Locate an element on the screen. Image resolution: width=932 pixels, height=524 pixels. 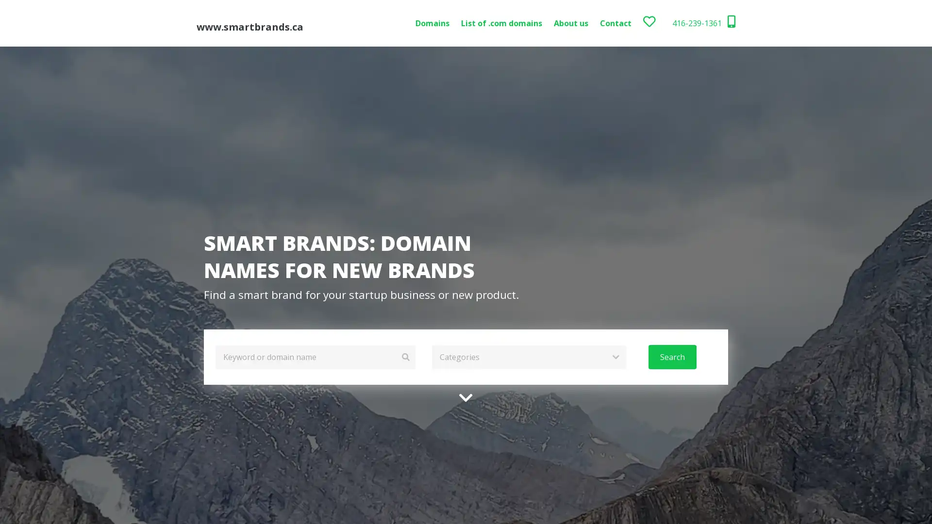
Categories is located at coordinates (528, 357).